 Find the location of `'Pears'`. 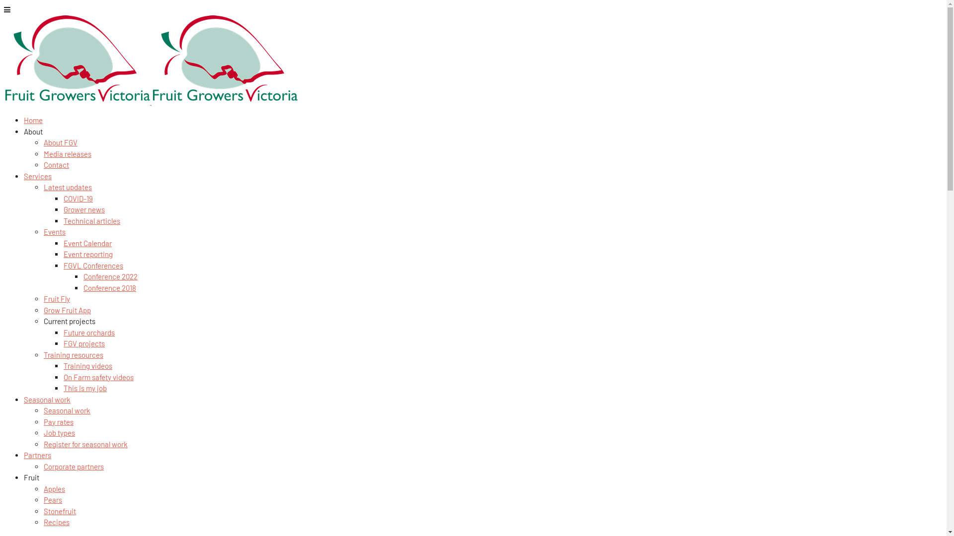

'Pears' is located at coordinates (52, 499).